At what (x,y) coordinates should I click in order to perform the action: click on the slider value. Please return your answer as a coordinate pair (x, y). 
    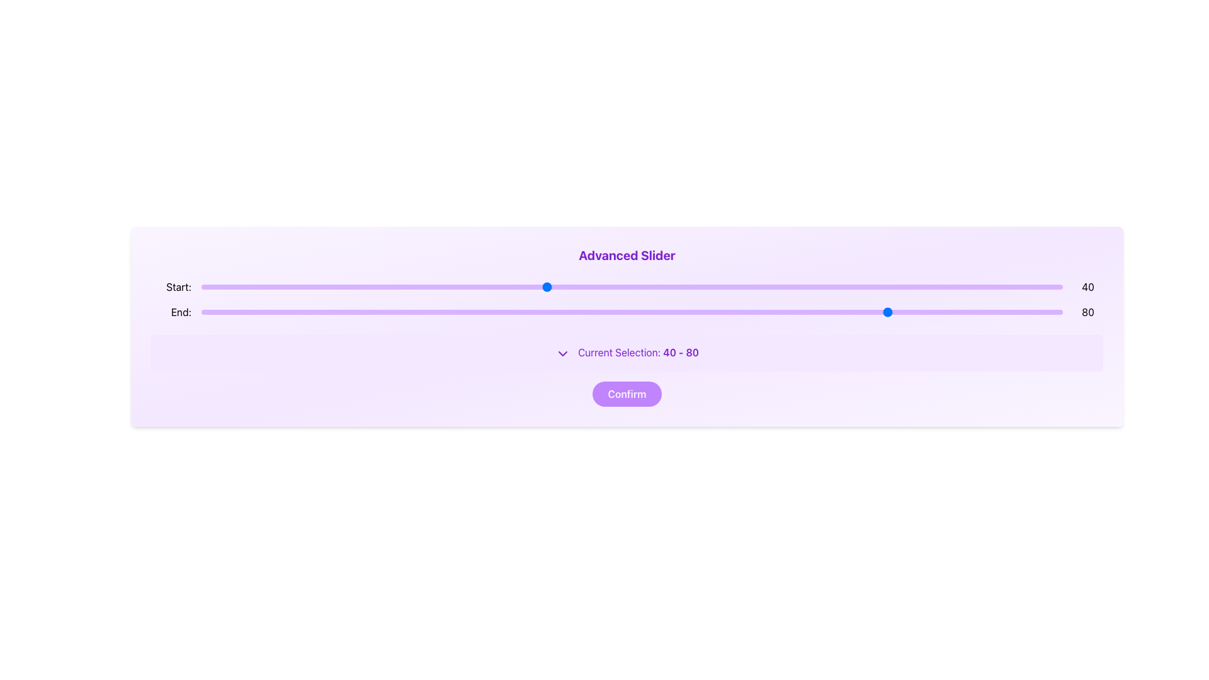
    Looking at the image, I should click on (976, 312).